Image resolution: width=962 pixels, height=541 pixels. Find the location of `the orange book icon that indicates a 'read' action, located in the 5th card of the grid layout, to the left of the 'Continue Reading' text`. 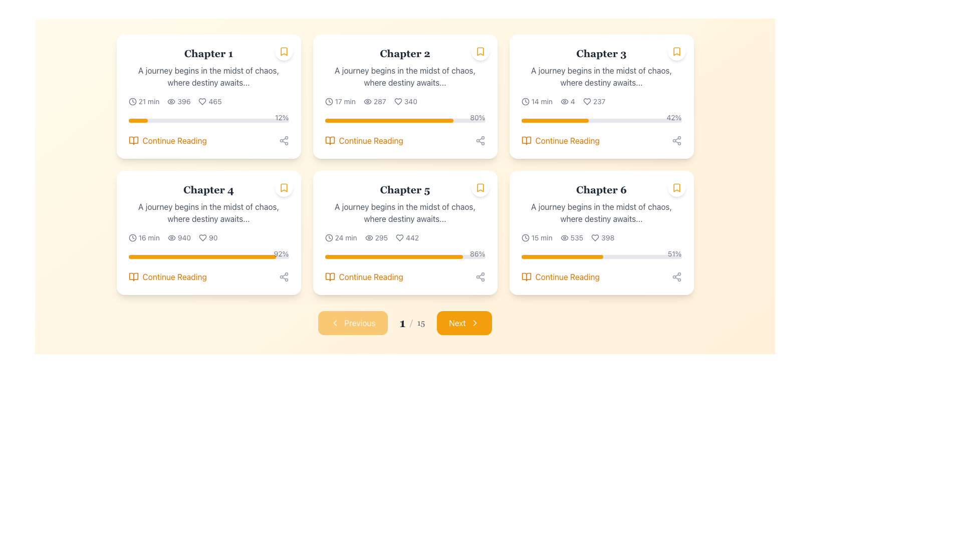

the orange book icon that indicates a 'read' action, located in the 5th card of the grid layout, to the left of the 'Continue Reading' text is located at coordinates (330, 277).